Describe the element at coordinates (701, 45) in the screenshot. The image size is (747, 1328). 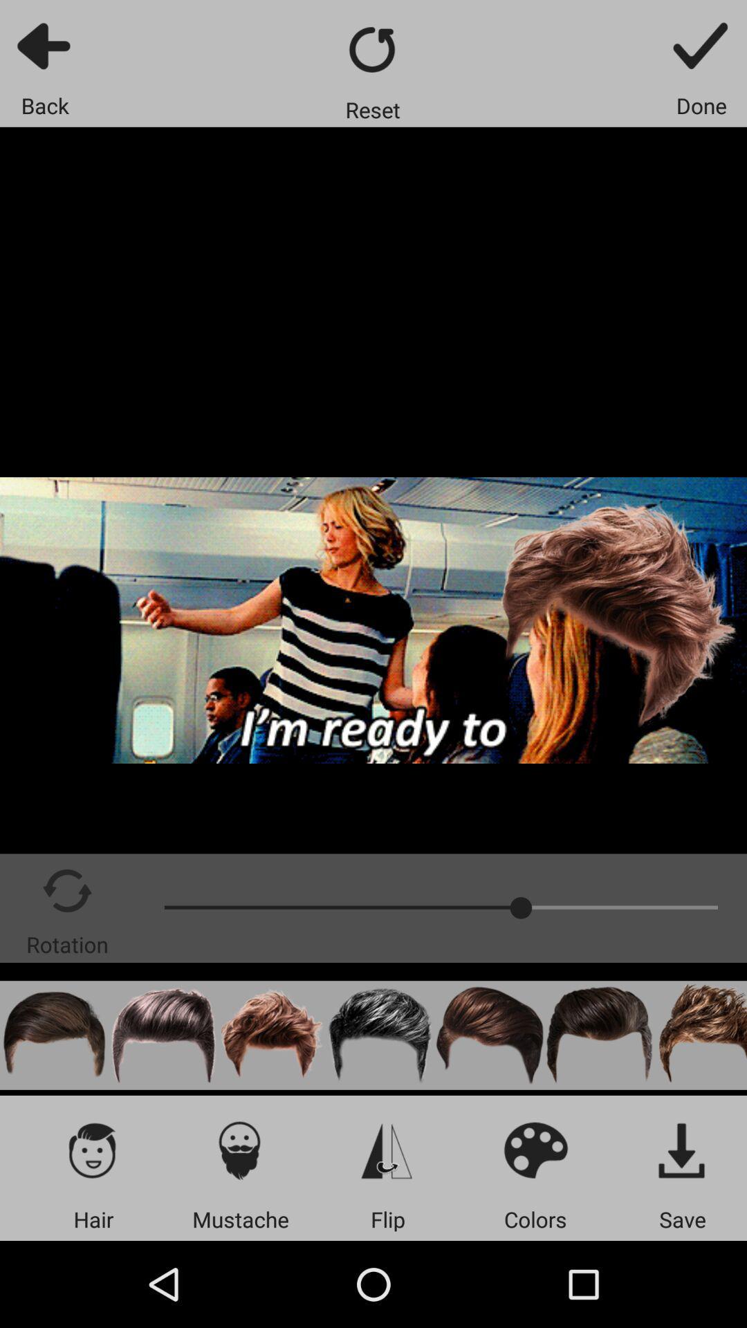
I see `finish` at that location.